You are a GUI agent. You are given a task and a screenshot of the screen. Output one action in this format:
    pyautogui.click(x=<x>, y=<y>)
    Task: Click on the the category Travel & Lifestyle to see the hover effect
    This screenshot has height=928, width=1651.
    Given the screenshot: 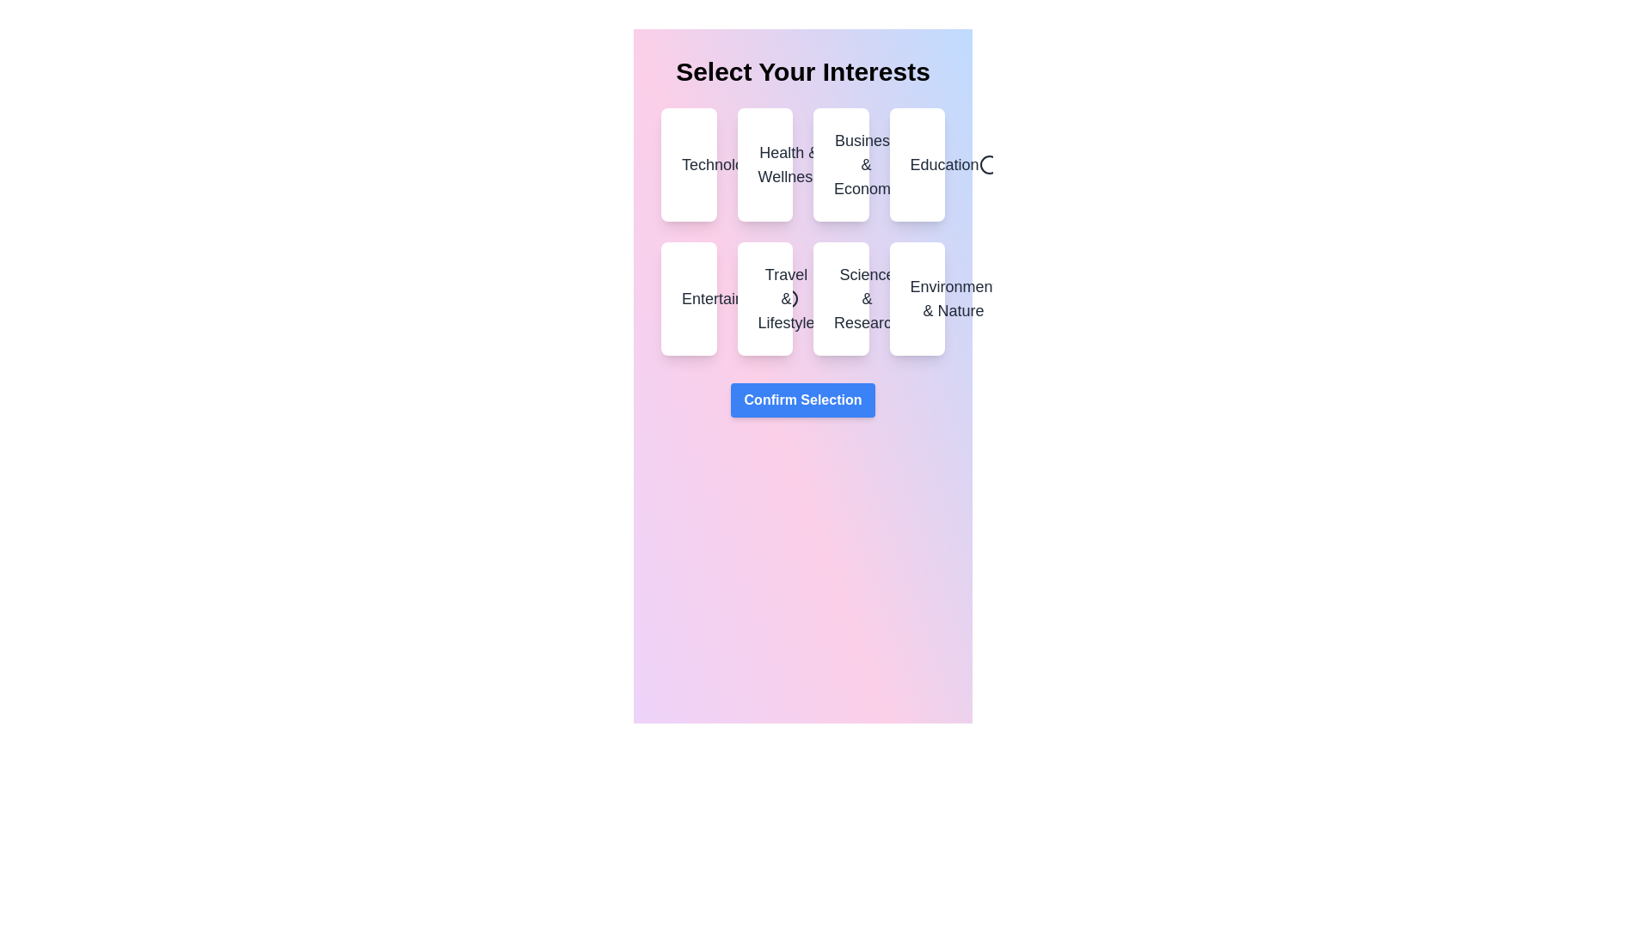 What is the action you would take?
    pyautogui.click(x=764, y=297)
    